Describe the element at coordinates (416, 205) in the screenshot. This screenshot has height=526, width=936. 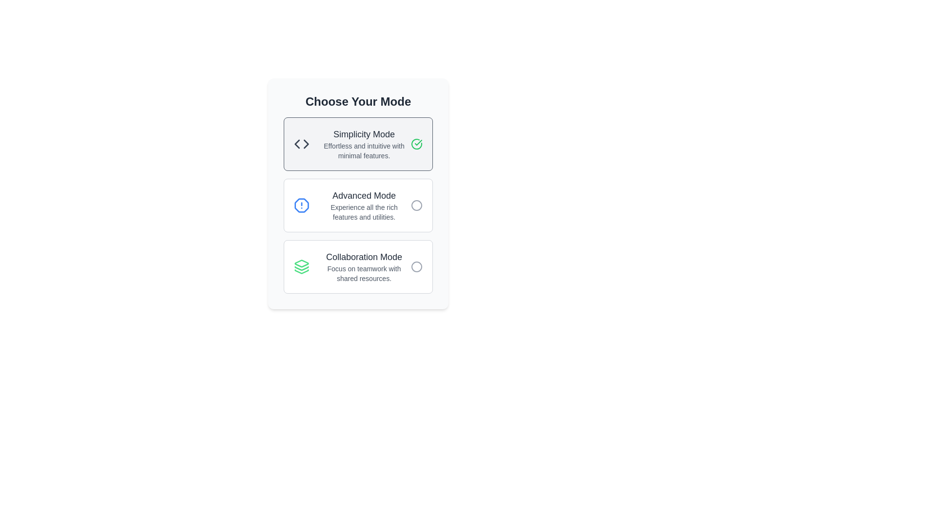
I see `the circular SVG vector graphic element with a thin gray stroke located in the 'Advanced Mode' section, adjacent to the mode's descriptive text` at that location.